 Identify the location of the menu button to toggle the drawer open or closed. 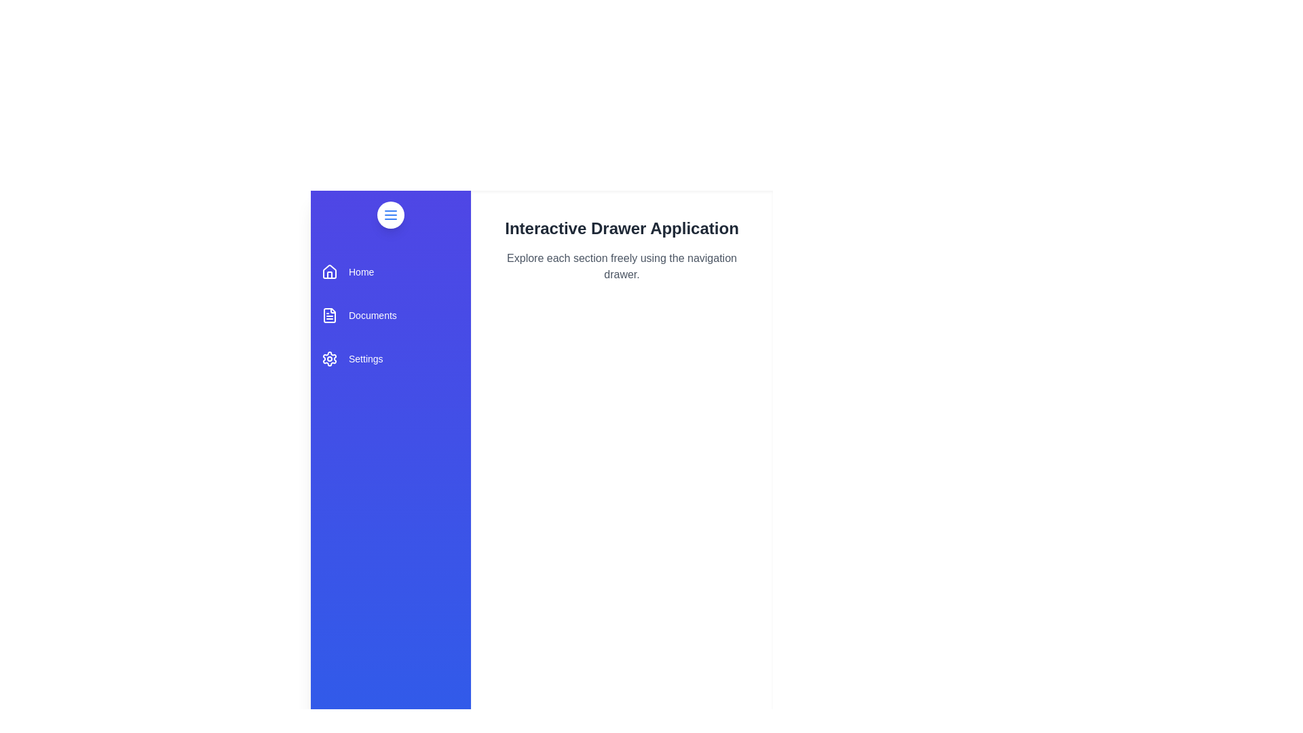
(390, 214).